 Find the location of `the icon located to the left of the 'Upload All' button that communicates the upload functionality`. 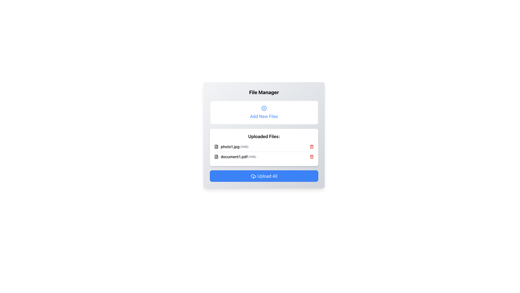

the icon located to the left of the 'Upload All' button that communicates the upload functionality is located at coordinates (253, 176).